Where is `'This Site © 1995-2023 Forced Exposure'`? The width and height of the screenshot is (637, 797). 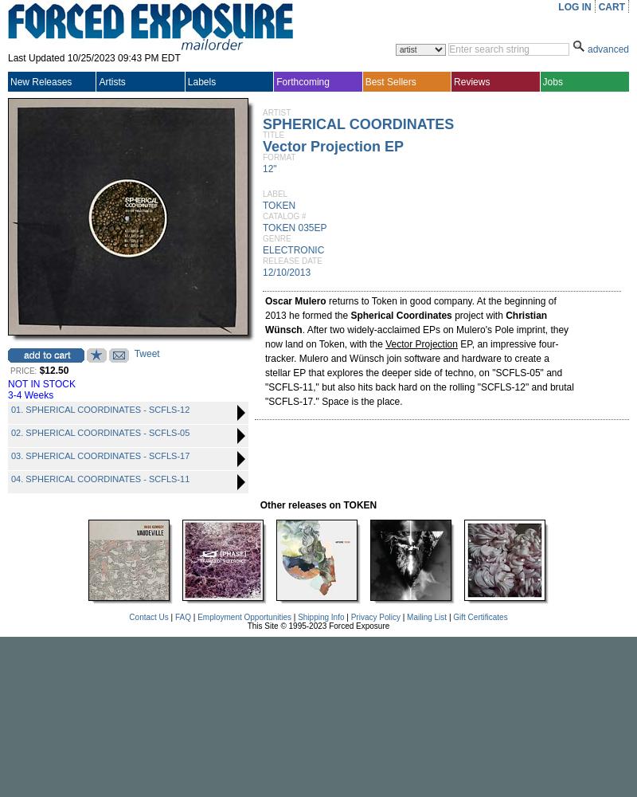 'This Site © 1995-2023 Forced Exposure' is located at coordinates (317, 626).